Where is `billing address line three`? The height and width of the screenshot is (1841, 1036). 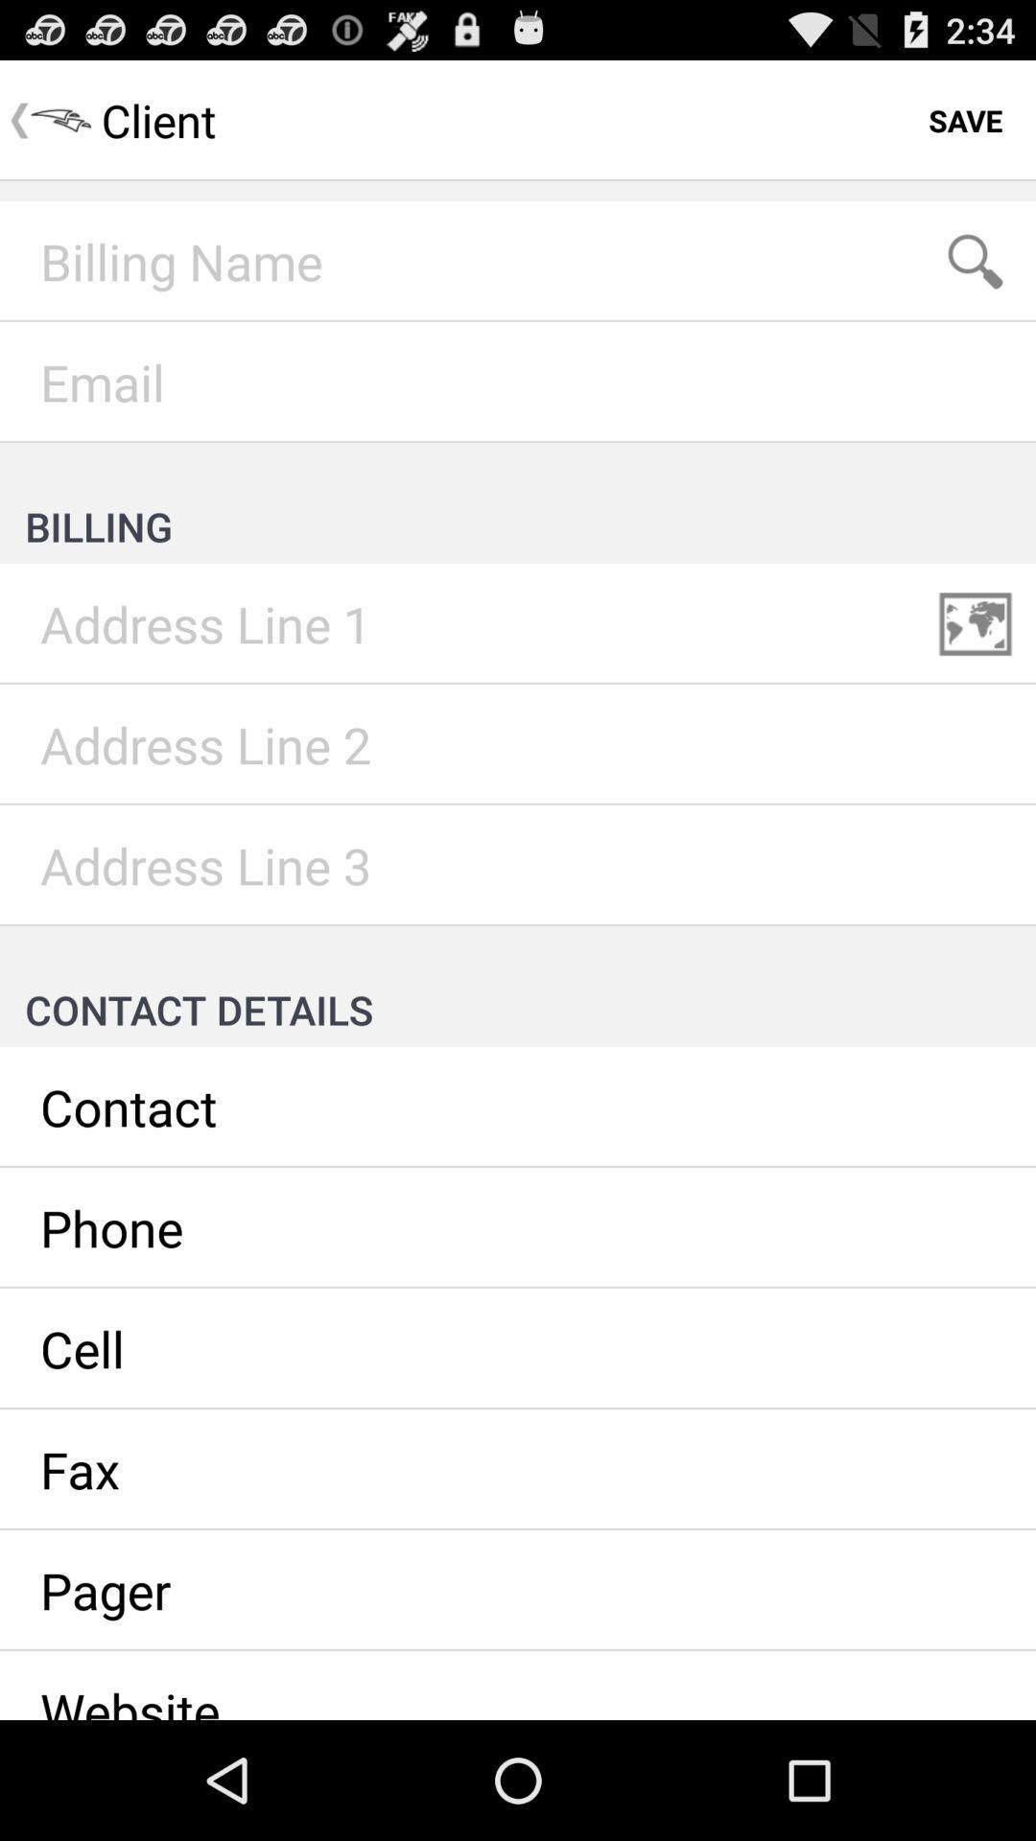 billing address line three is located at coordinates (518, 864).